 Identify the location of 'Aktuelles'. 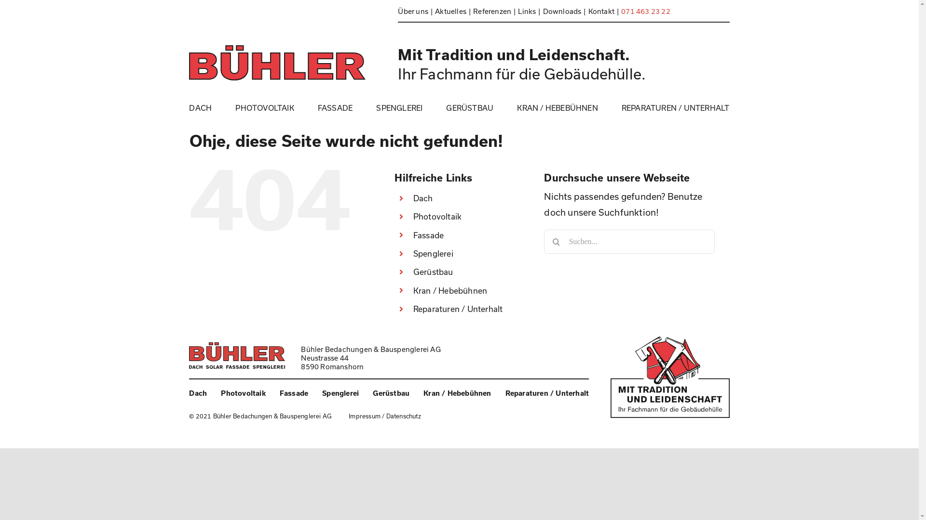
(453, 11).